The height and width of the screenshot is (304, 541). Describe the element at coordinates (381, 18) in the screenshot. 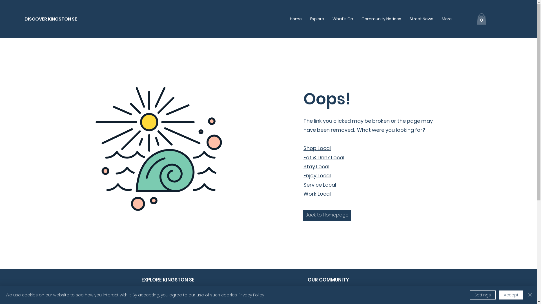

I see `'Community Notices'` at that location.